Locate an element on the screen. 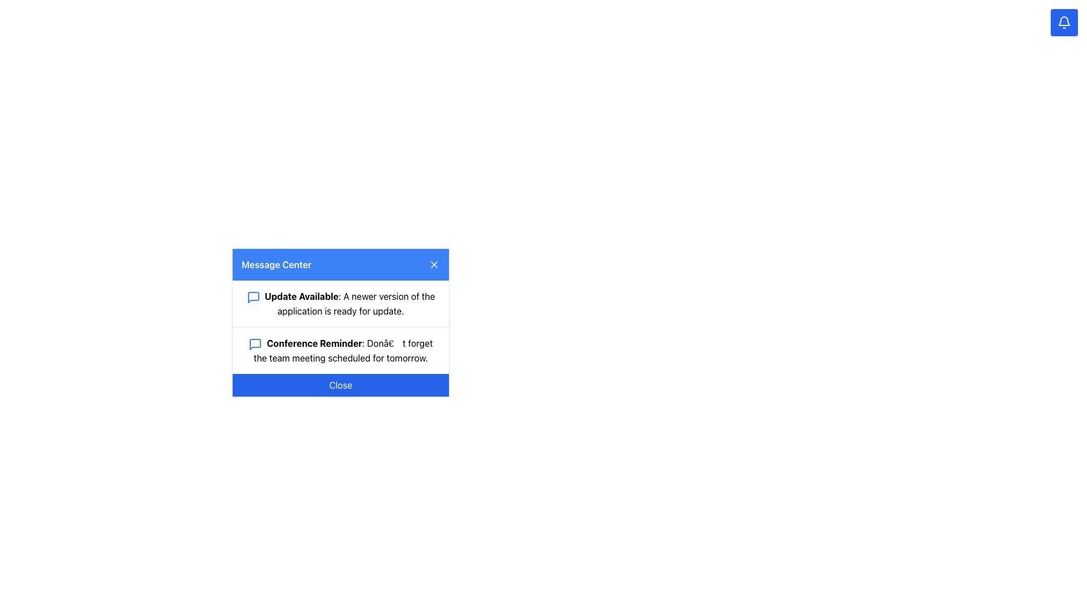 The image size is (1087, 611). the 'Close' button with white text on a blue background located at the bottom of the 'Message Center' modal dialog box is located at coordinates (340, 384).